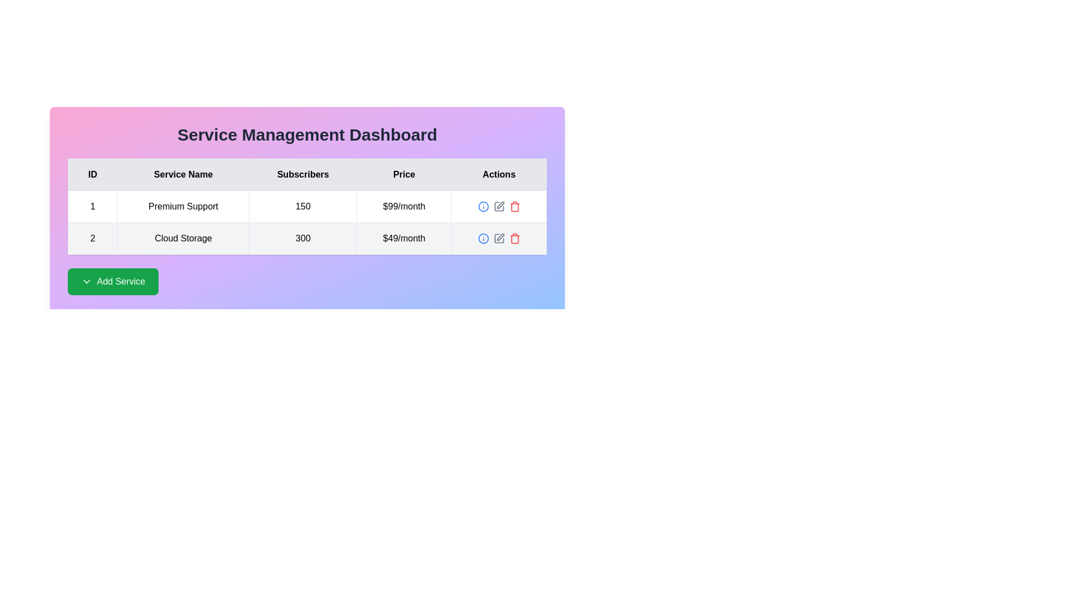 The width and height of the screenshot is (1076, 605). Describe the element at coordinates (303, 175) in the screenshot. I see `the Table Header Cell labeled 'Subscribers', which is the third column header in the table, located between 'Service Name' and 'Price'` at that location.